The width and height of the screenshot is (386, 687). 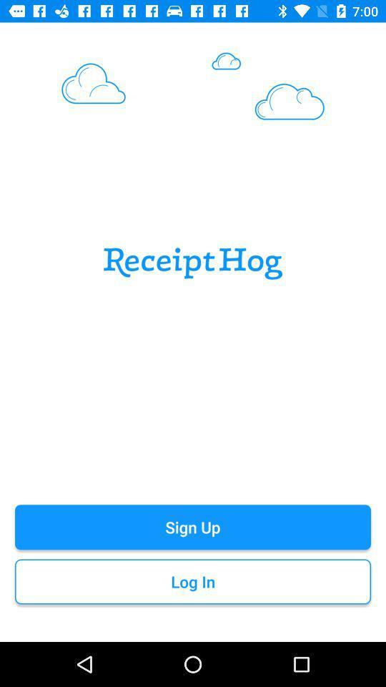 What do you see at coordinates (193, 526) in the screenshot?
I see `the sign up icon` at bounding box center [193, 526].